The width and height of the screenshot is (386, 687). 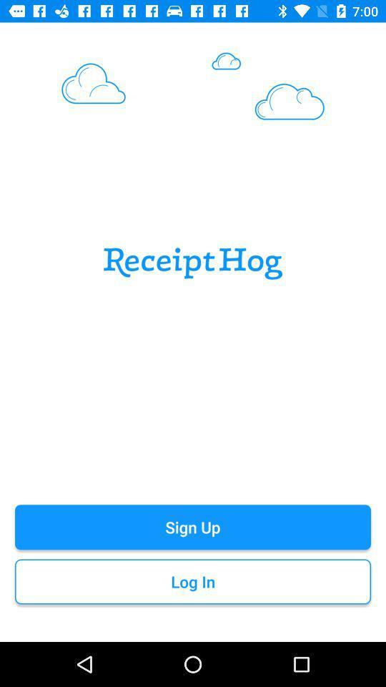 What do you see at coordinates (193, 526) in the screenshot?
I see `the sign up icon` at bounding box center [193, 526].